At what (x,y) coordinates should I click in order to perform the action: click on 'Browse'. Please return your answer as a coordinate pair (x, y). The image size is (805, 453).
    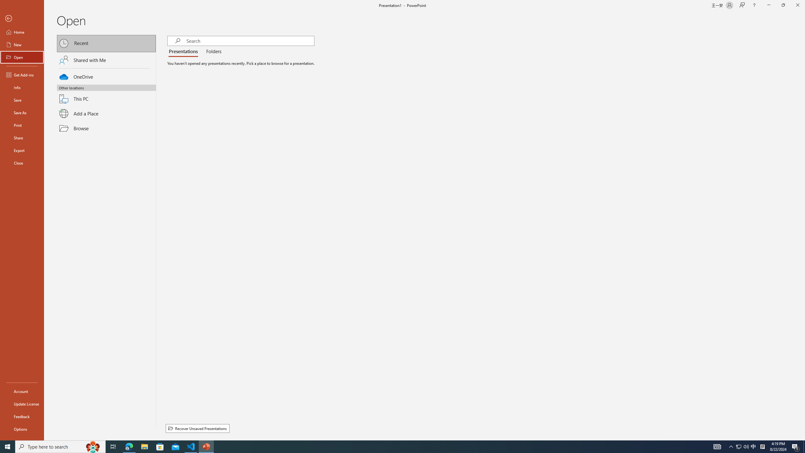
    Looking at the image, I should click on (106, 128).